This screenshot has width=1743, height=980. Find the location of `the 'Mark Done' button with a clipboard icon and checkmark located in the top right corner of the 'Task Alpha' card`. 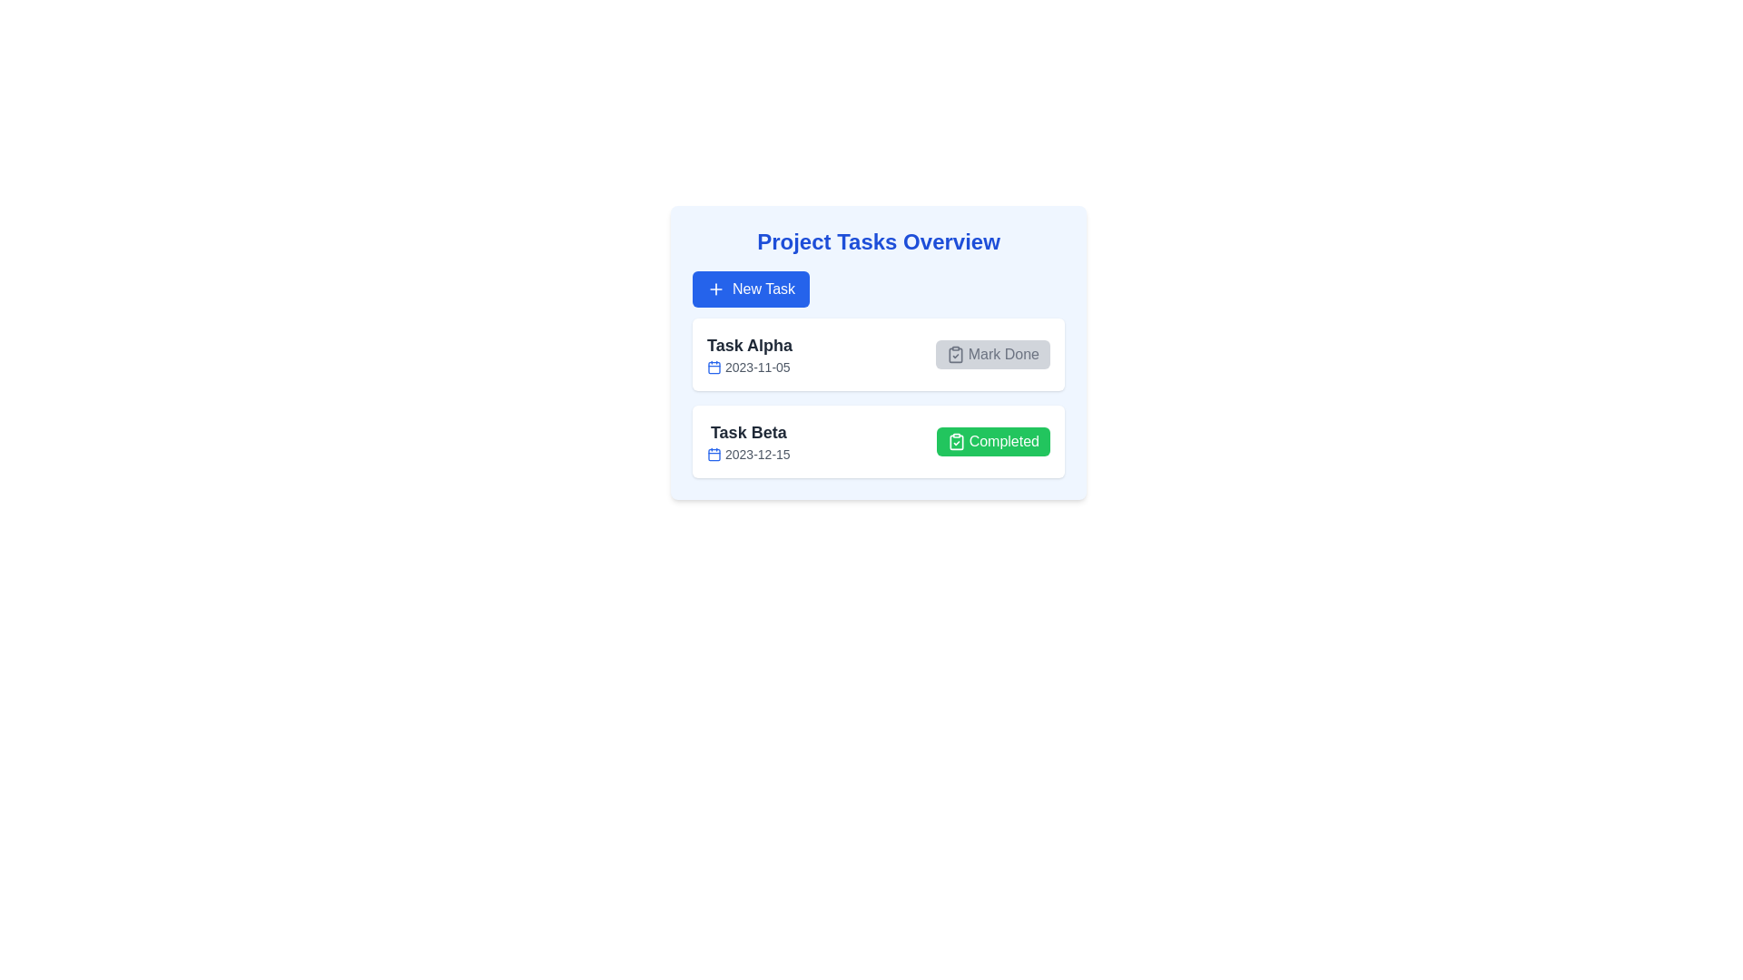

the 'Mark Done' button with a clipboard icon and checkmark located in the top right corner of the 'Task Alpha' card is located at coordinates (991, 354).